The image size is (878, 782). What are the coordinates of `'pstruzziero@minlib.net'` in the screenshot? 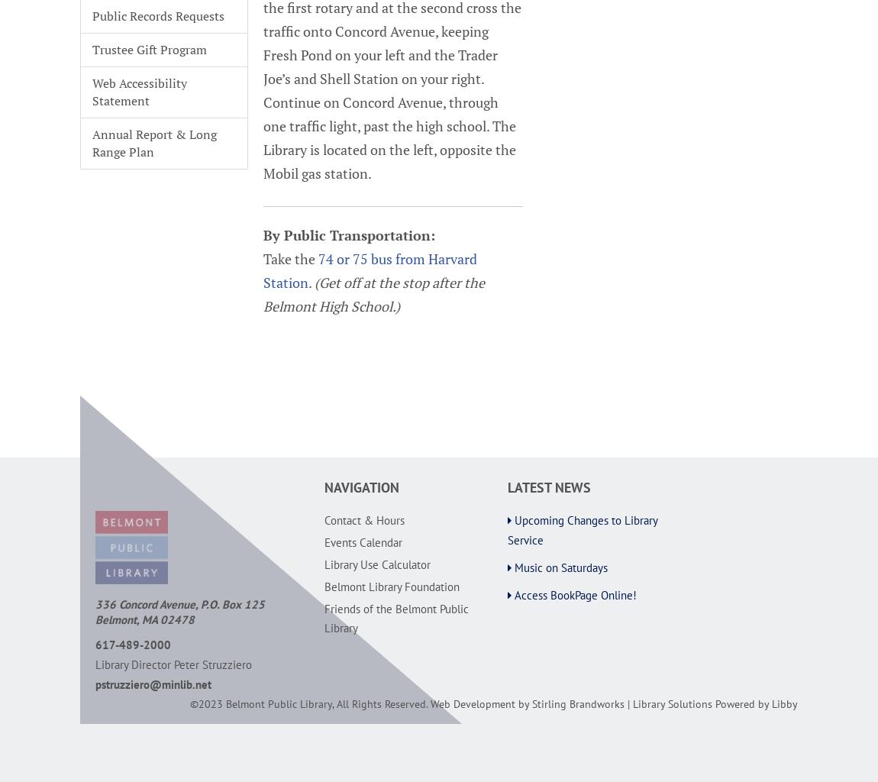 It's located at (153, 684).